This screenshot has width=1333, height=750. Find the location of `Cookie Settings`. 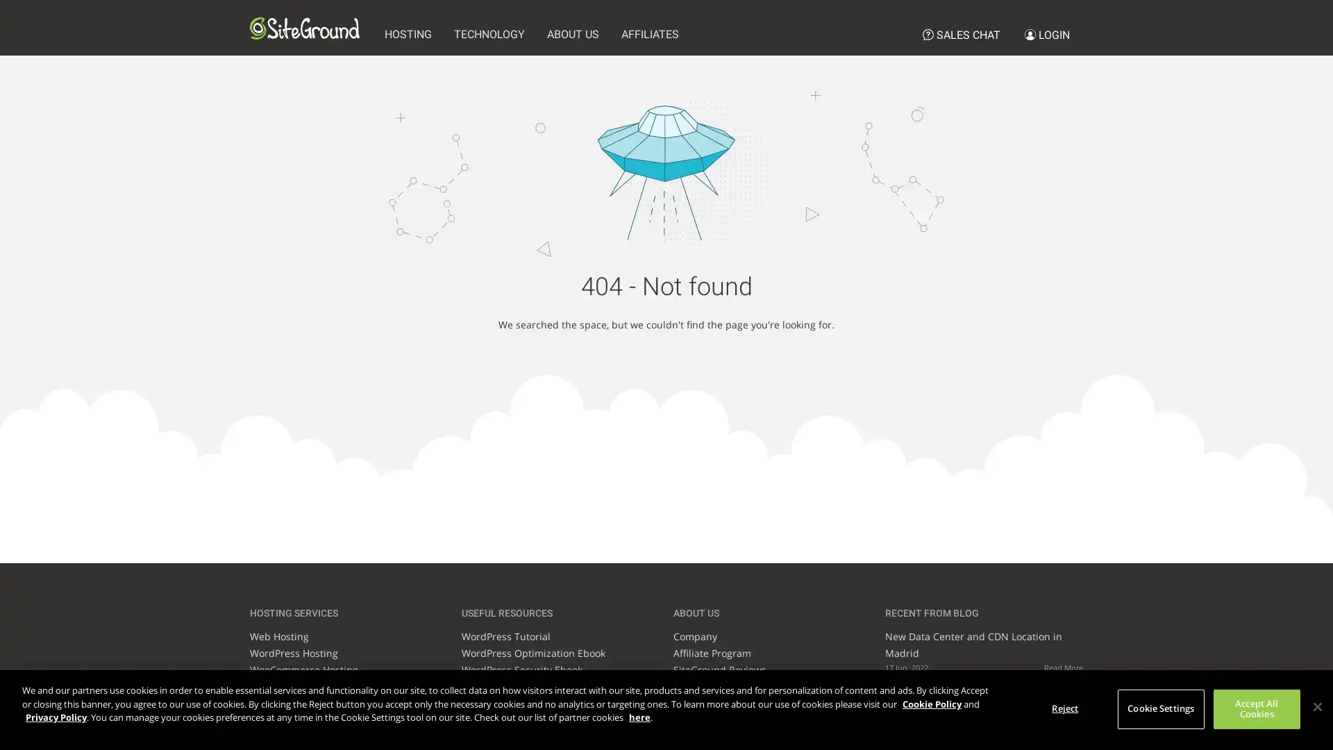

Cookie Settings is located at coordinates (1160, 708).